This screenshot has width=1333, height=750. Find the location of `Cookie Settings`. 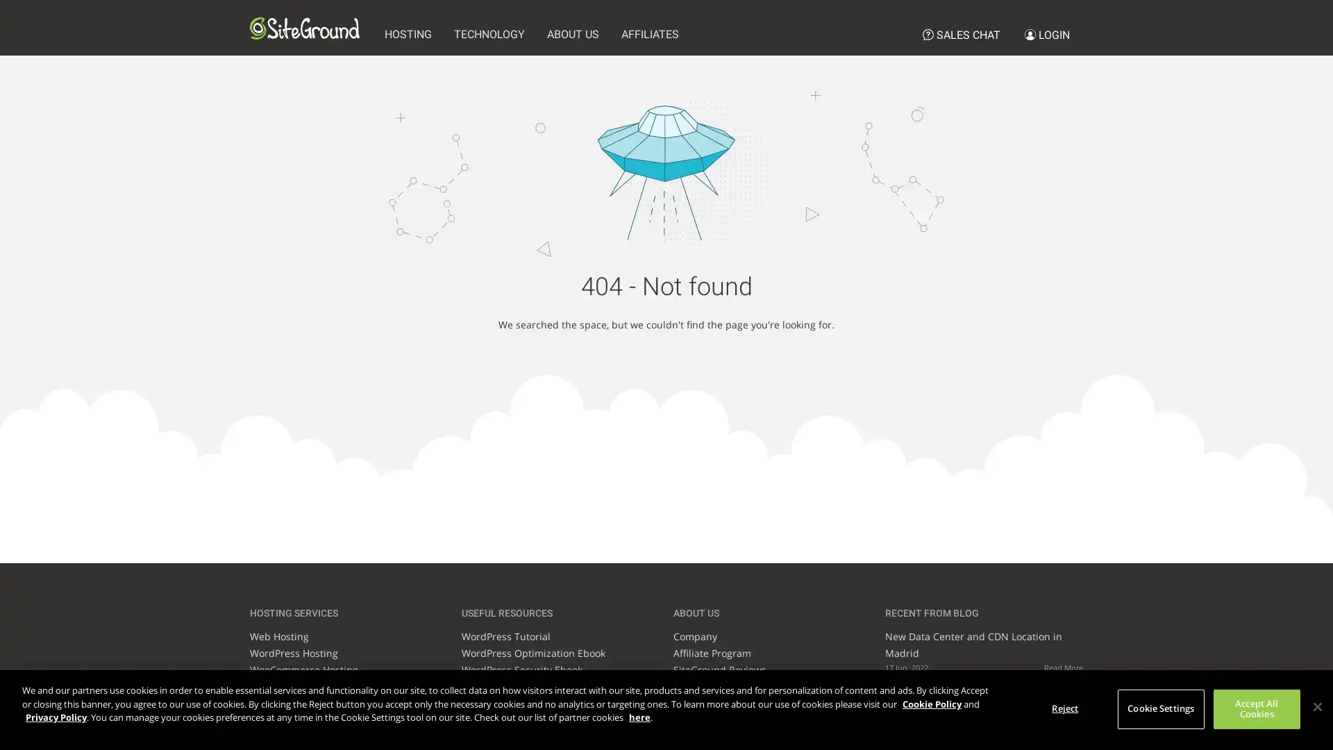

Cookie Settings is located at coordinates (1160, 708).